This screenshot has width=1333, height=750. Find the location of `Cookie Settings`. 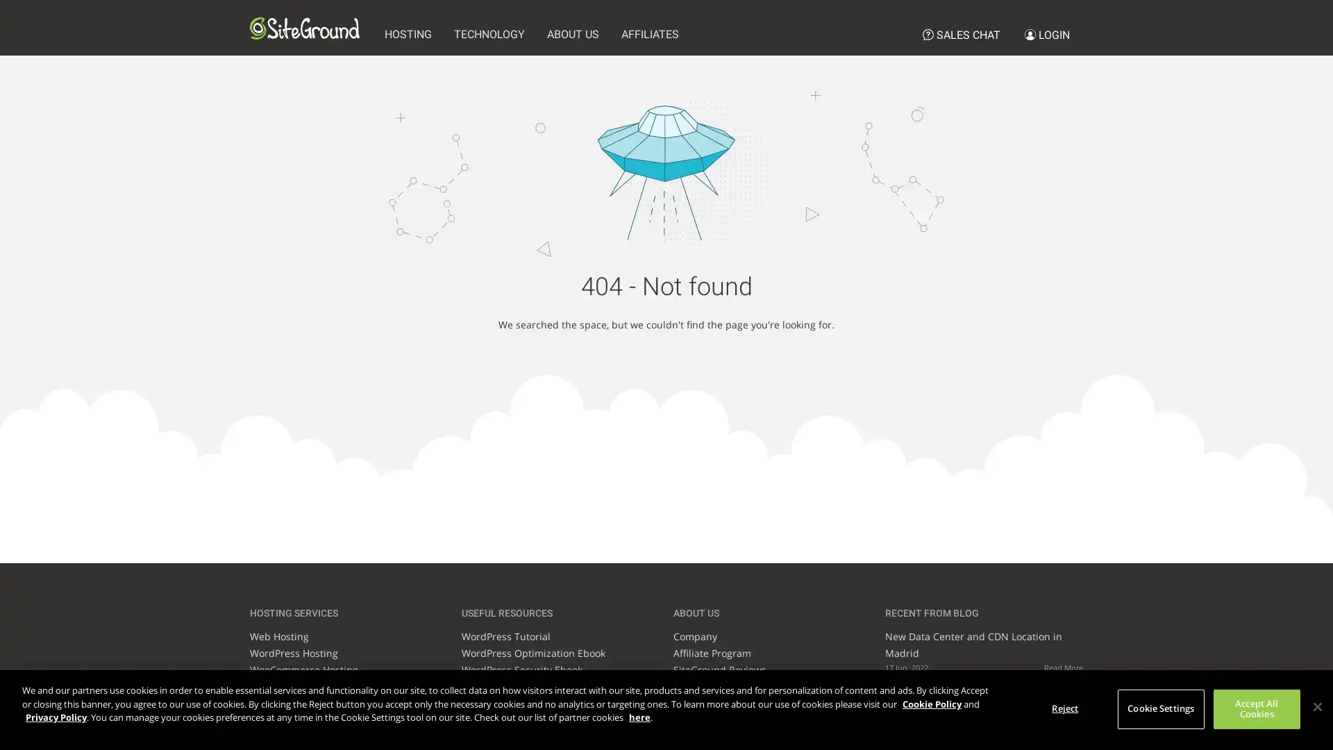

Cookie Settings is located at coordinates (1160, 708).